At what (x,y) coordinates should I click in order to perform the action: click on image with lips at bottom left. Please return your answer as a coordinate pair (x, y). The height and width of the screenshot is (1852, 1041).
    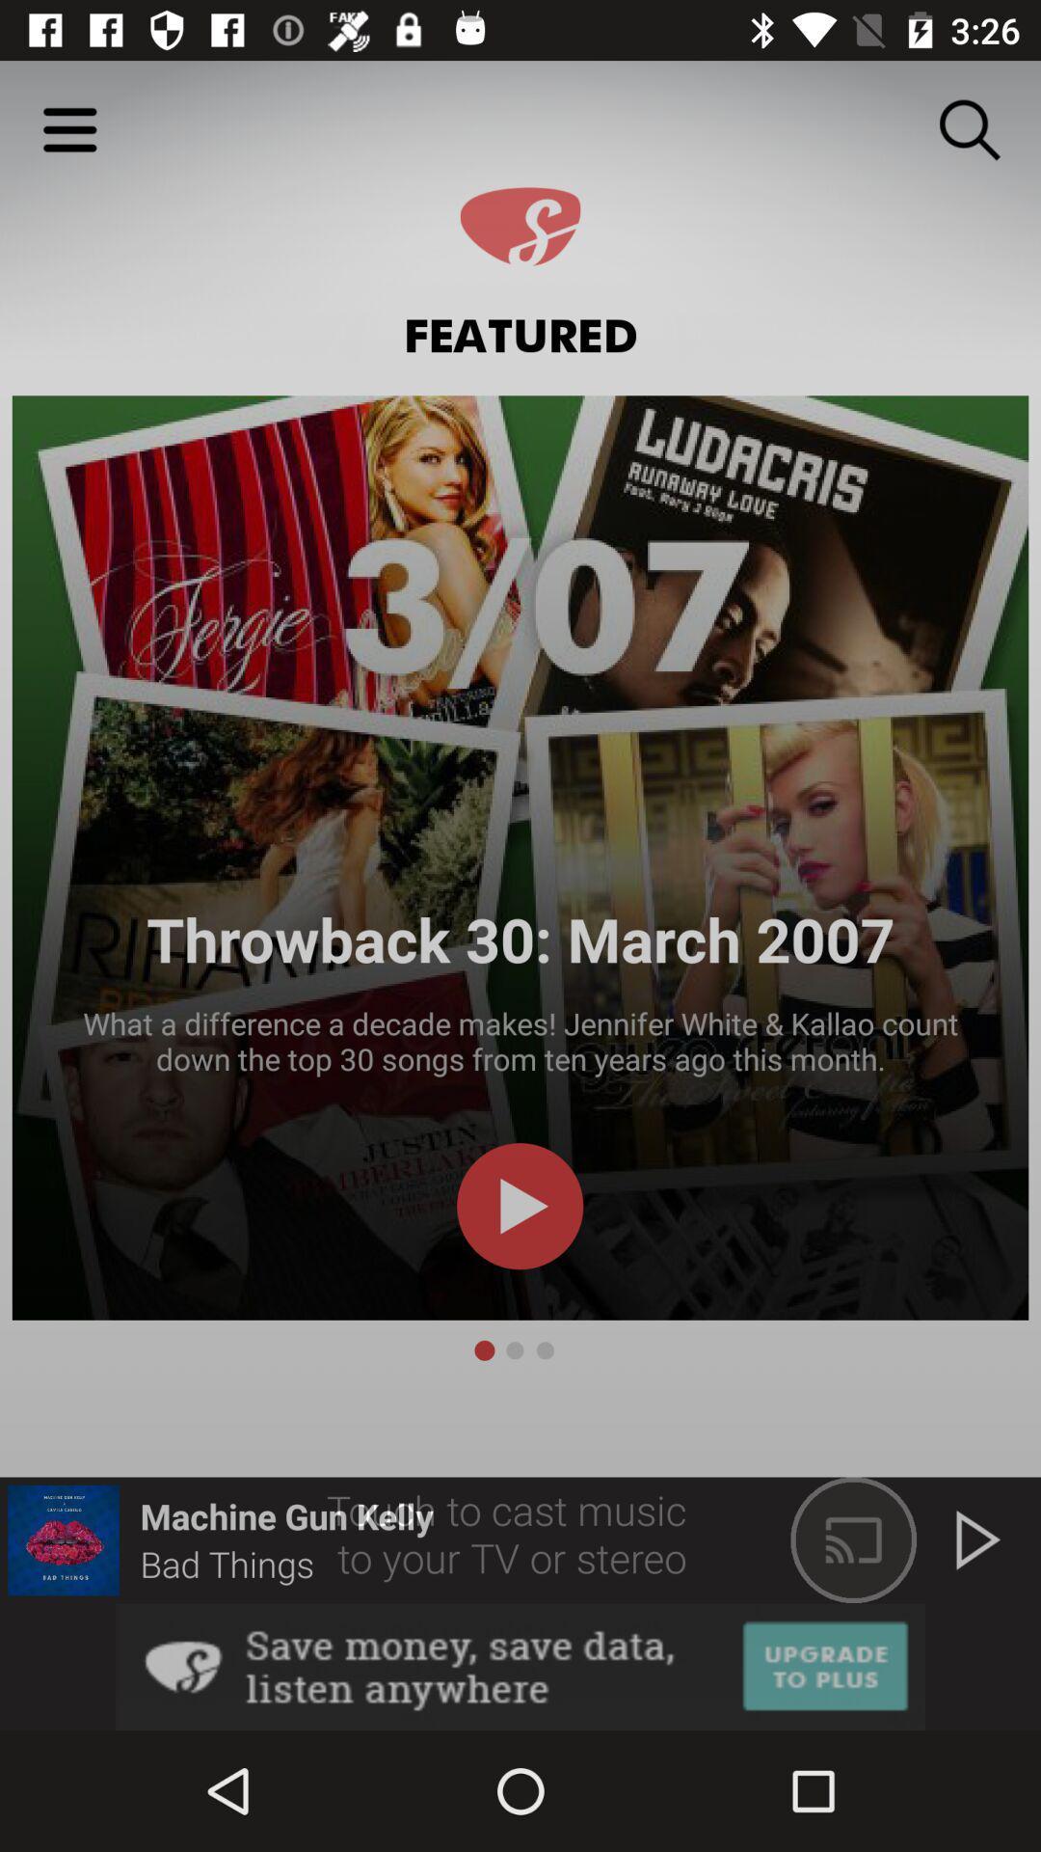
    Looking at the image, I should click on (62, 1539).